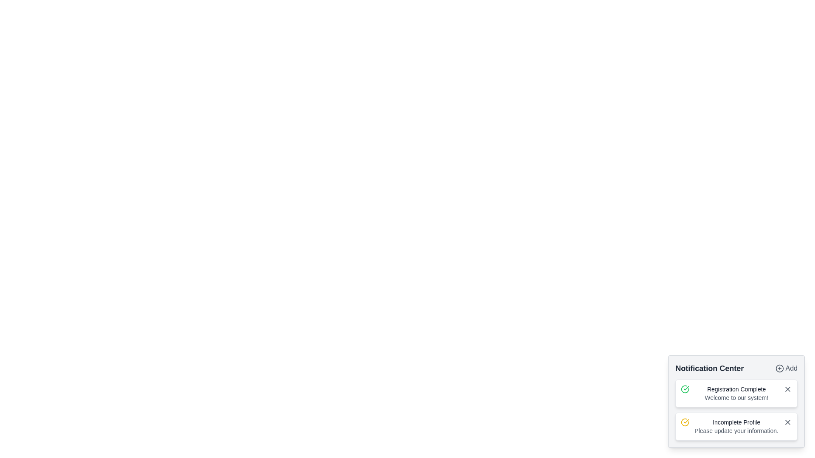  What do you see at coordinates (736, 368) in the screenshot?
I see `'Notification Center' text located in the header bar of the notification card, which features bold, large text styled in light gray color` at bounding box center [736, 368].